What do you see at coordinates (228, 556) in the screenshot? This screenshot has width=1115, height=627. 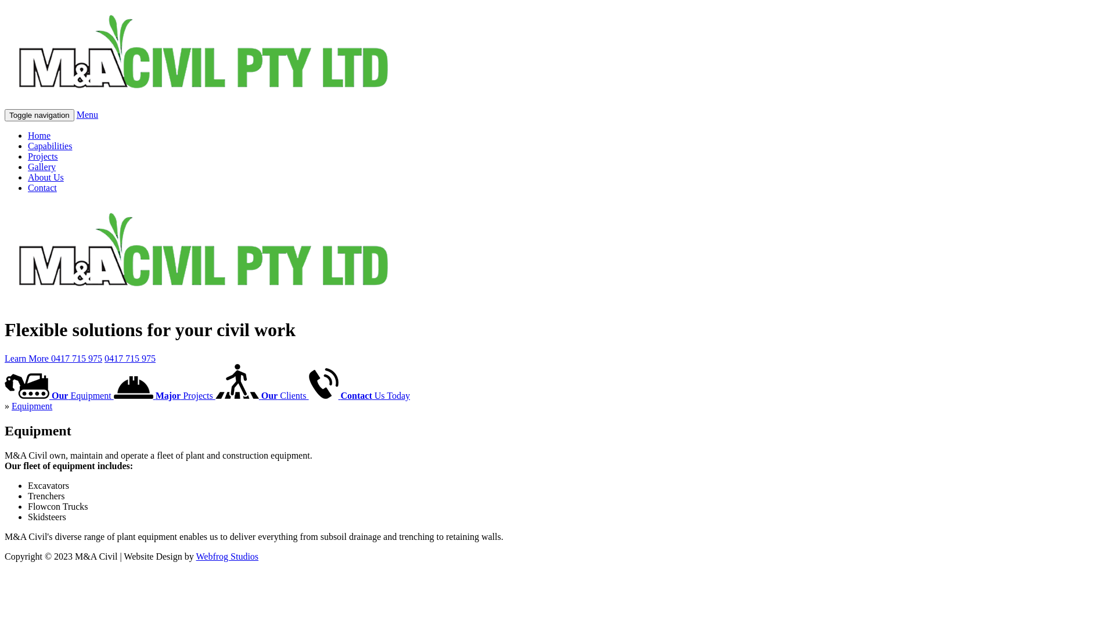 I see `'Webfrog Studios'` at bounding box center [228, 556].